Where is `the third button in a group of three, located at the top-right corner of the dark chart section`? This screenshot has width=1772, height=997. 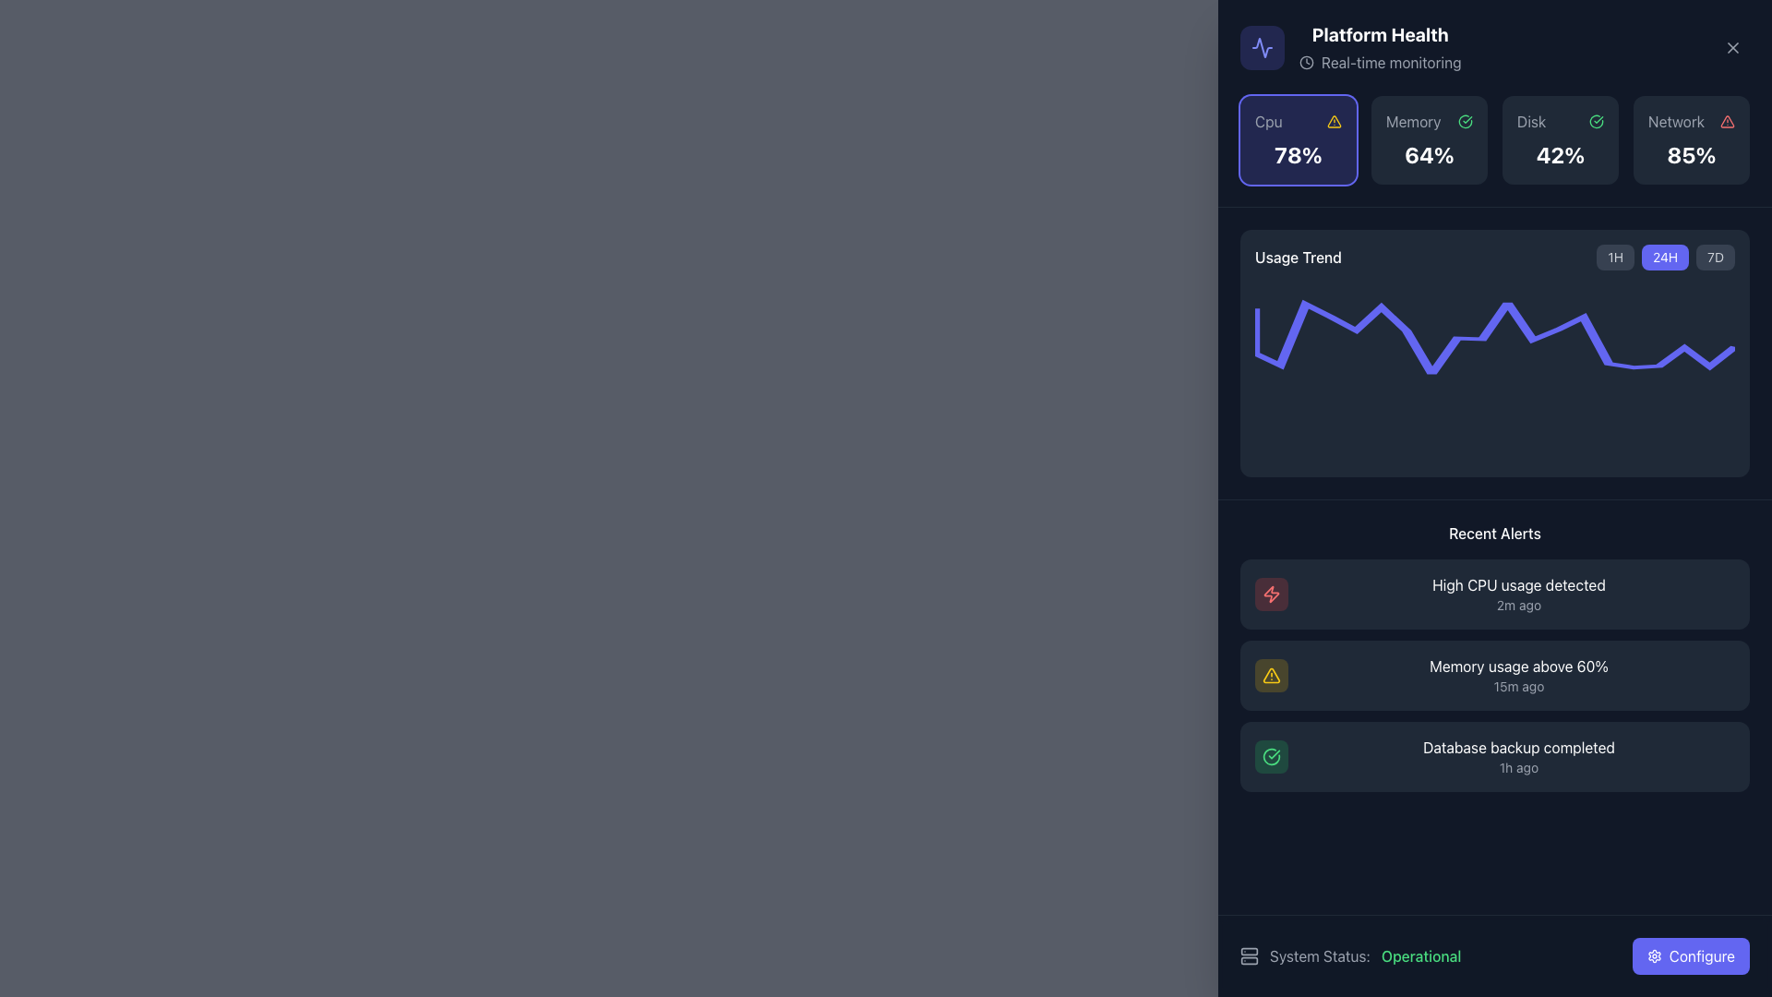 the third button in a group of three, located at the top-right corner of the dark chart section is located at coordinates (1715, 257).